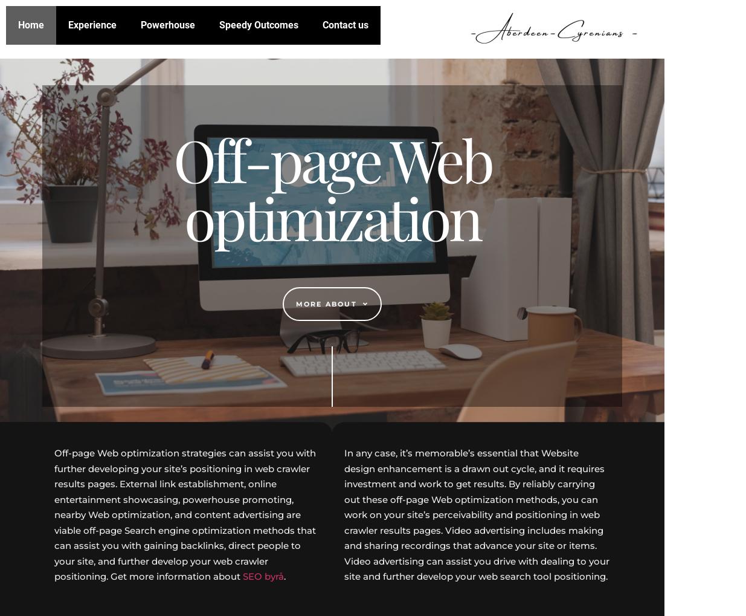 Image resolution: width=746 pixels, height=616 pixels. I want to click on 'Off-page Web optimization', so click(331, 187).